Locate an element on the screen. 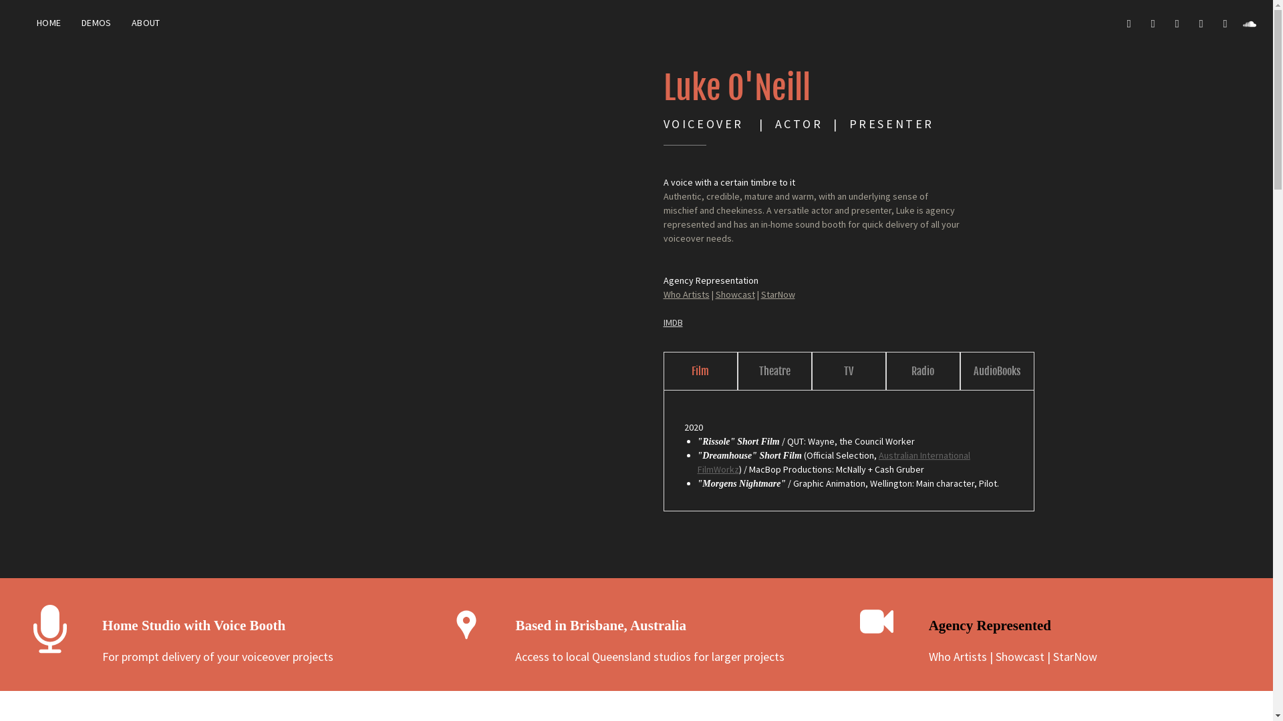 The height and width of the screenshot is (721, 1283). 'ABOUT' is located at coordinates (146, 23).